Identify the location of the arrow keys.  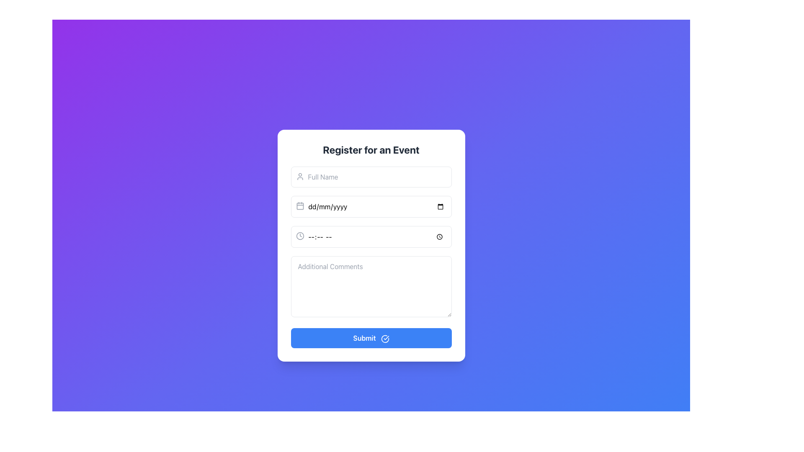
(371, 237).